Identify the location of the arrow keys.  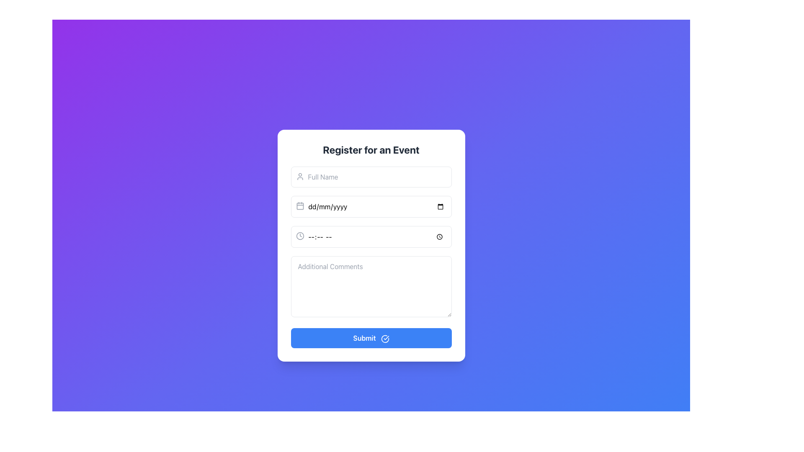
(371, 237).